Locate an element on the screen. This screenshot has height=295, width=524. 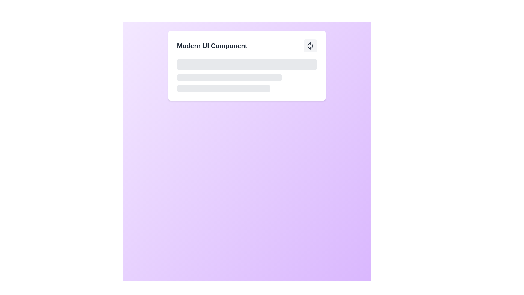
the circular refresh icon with a dark gray color and an animate-spin effect located in the top-right area of the card titled 'Modern UI Component' is located at coordinates (310, 46).